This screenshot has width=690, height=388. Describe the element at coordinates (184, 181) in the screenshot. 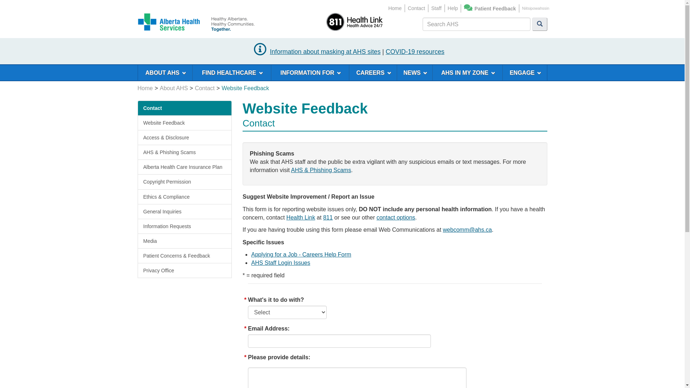

I see `'Copyright Permission'` at that location.